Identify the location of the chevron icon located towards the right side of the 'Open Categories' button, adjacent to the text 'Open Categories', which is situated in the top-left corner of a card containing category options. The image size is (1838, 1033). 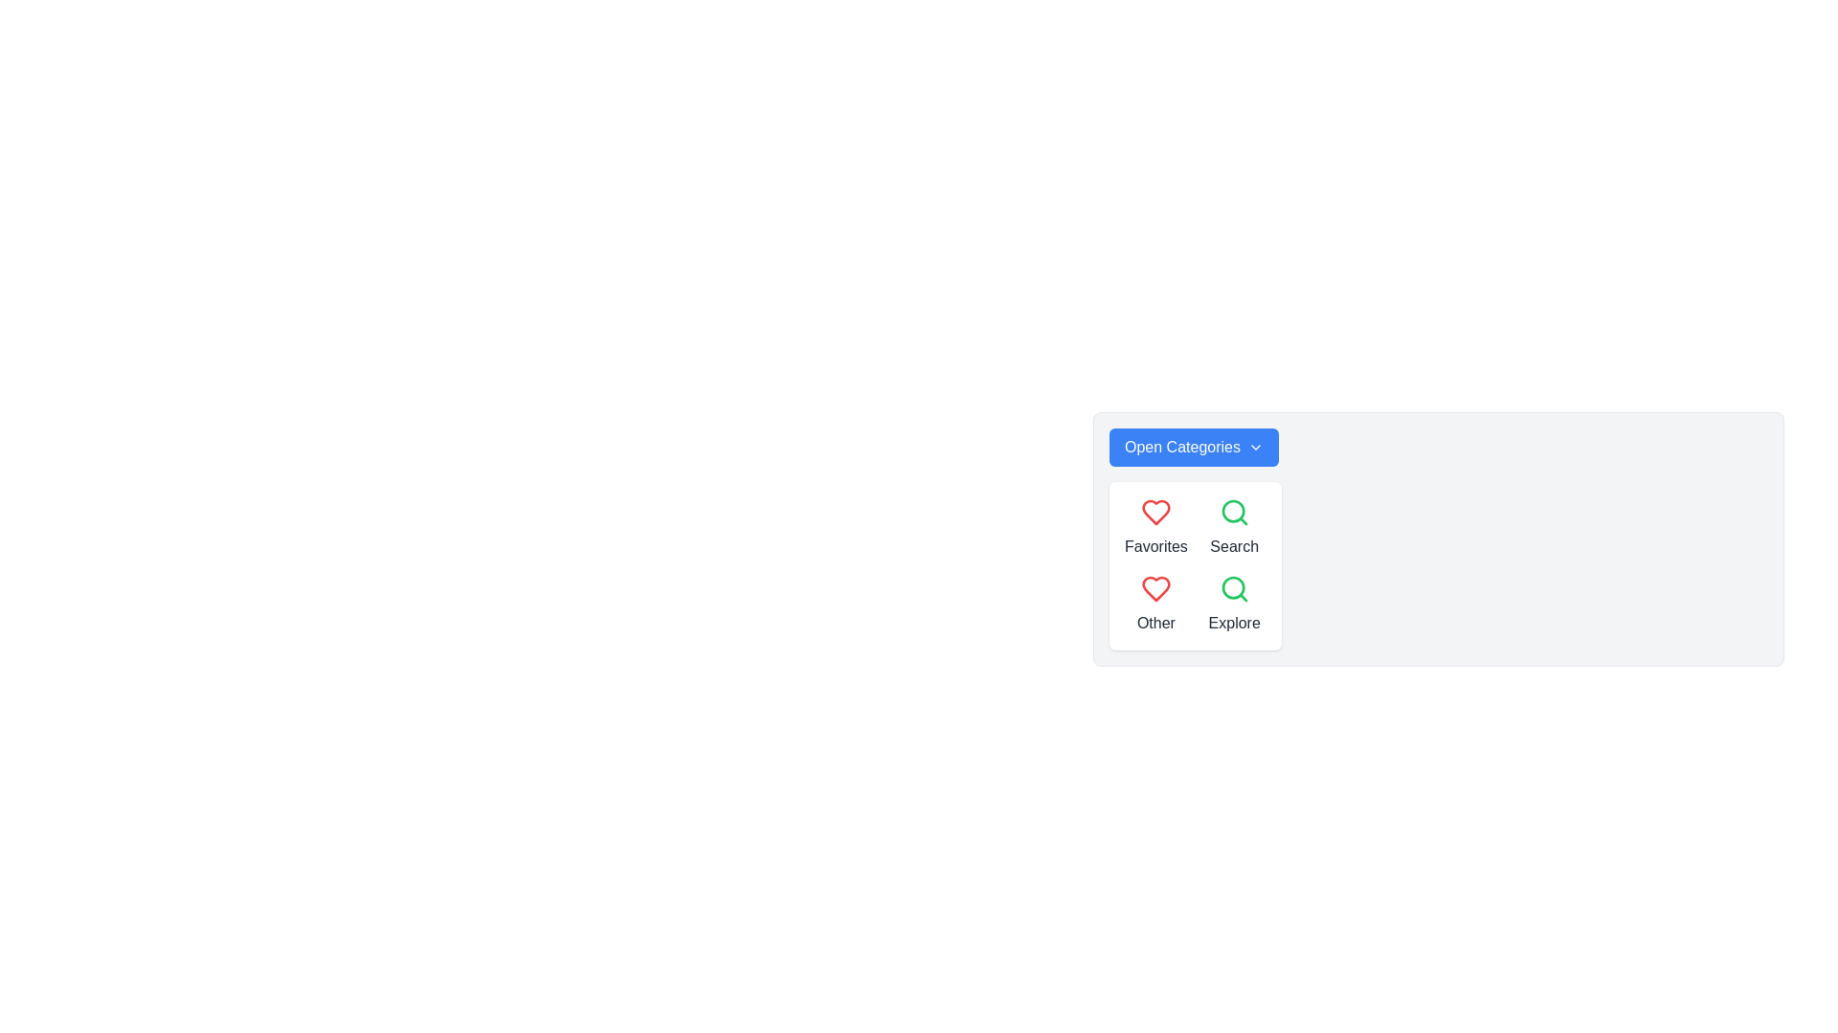
(1255, 447).